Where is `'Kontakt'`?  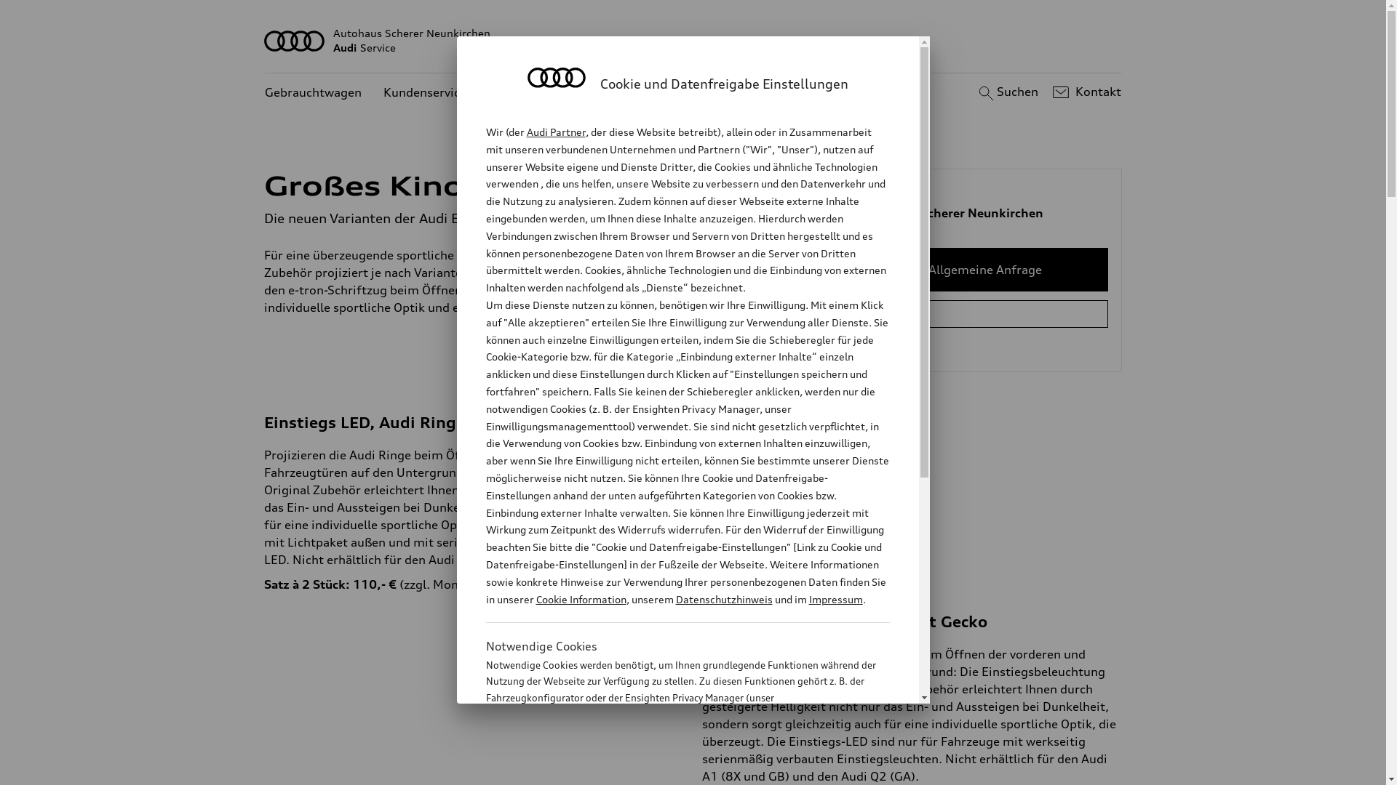
'Kontakt' is located at coordinates (1085, 92).